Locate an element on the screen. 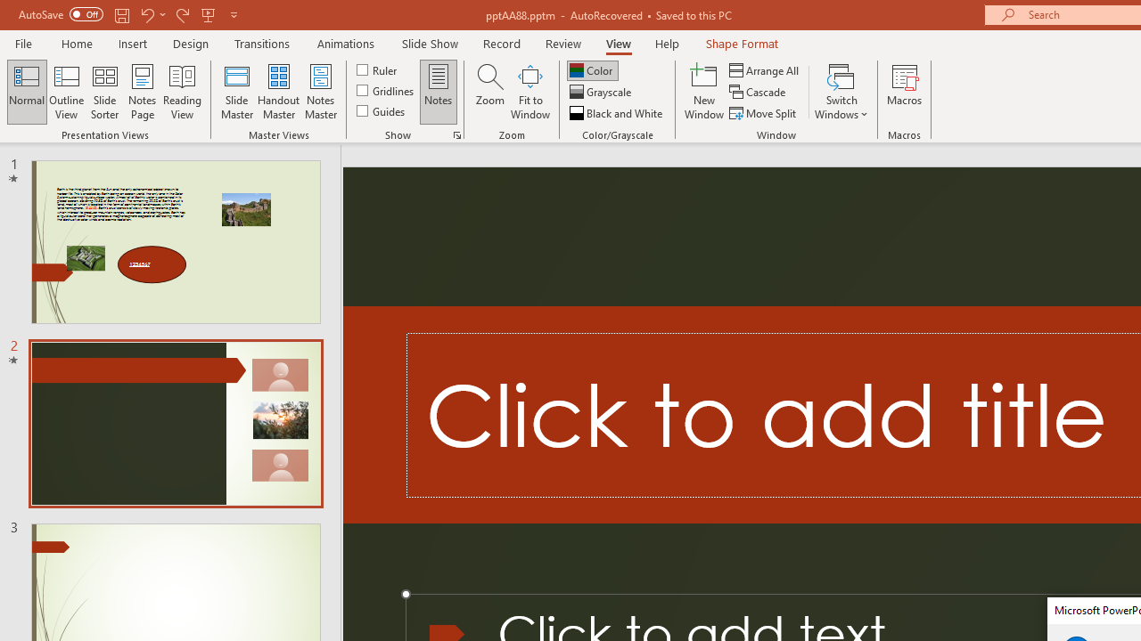 The image size is (1141, 641). 'Fit to Window' is located at coordinates (529, 92).